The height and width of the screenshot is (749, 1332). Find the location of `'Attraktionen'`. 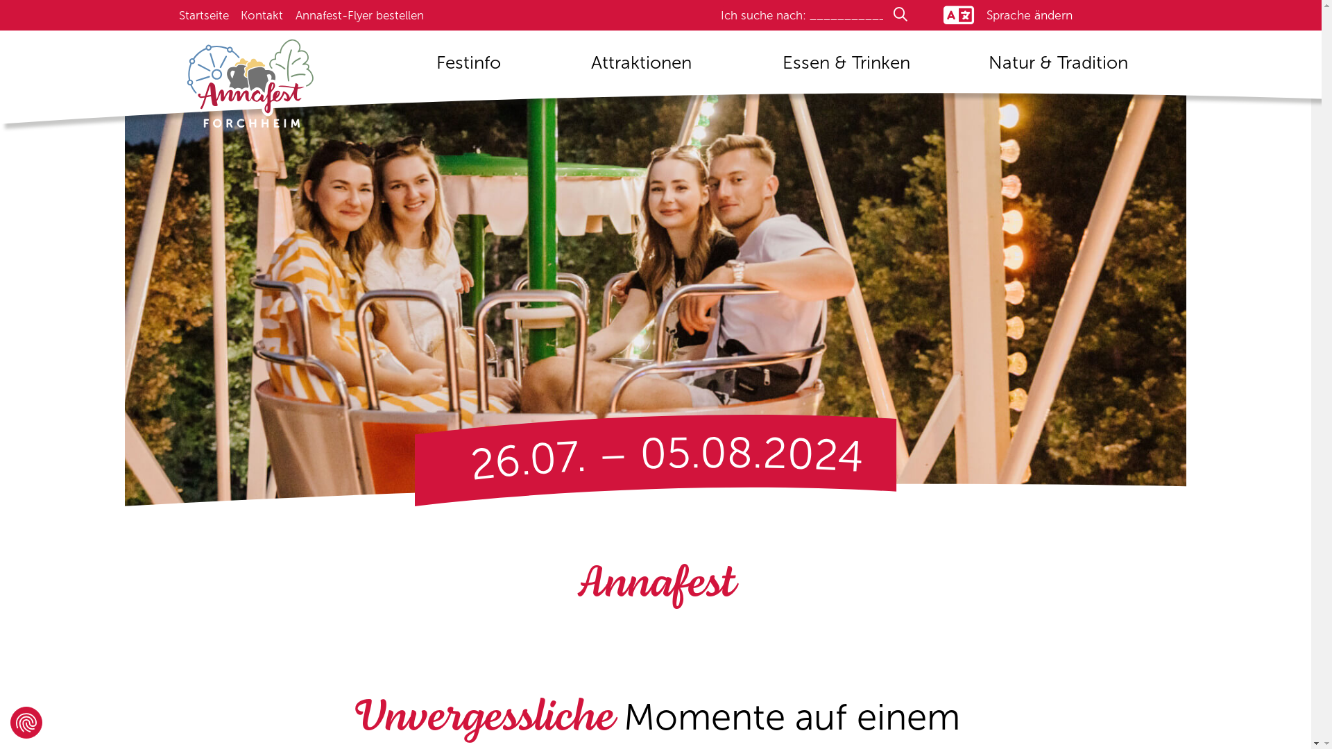

'Attraktionen' is located at coordinates (641, 67).